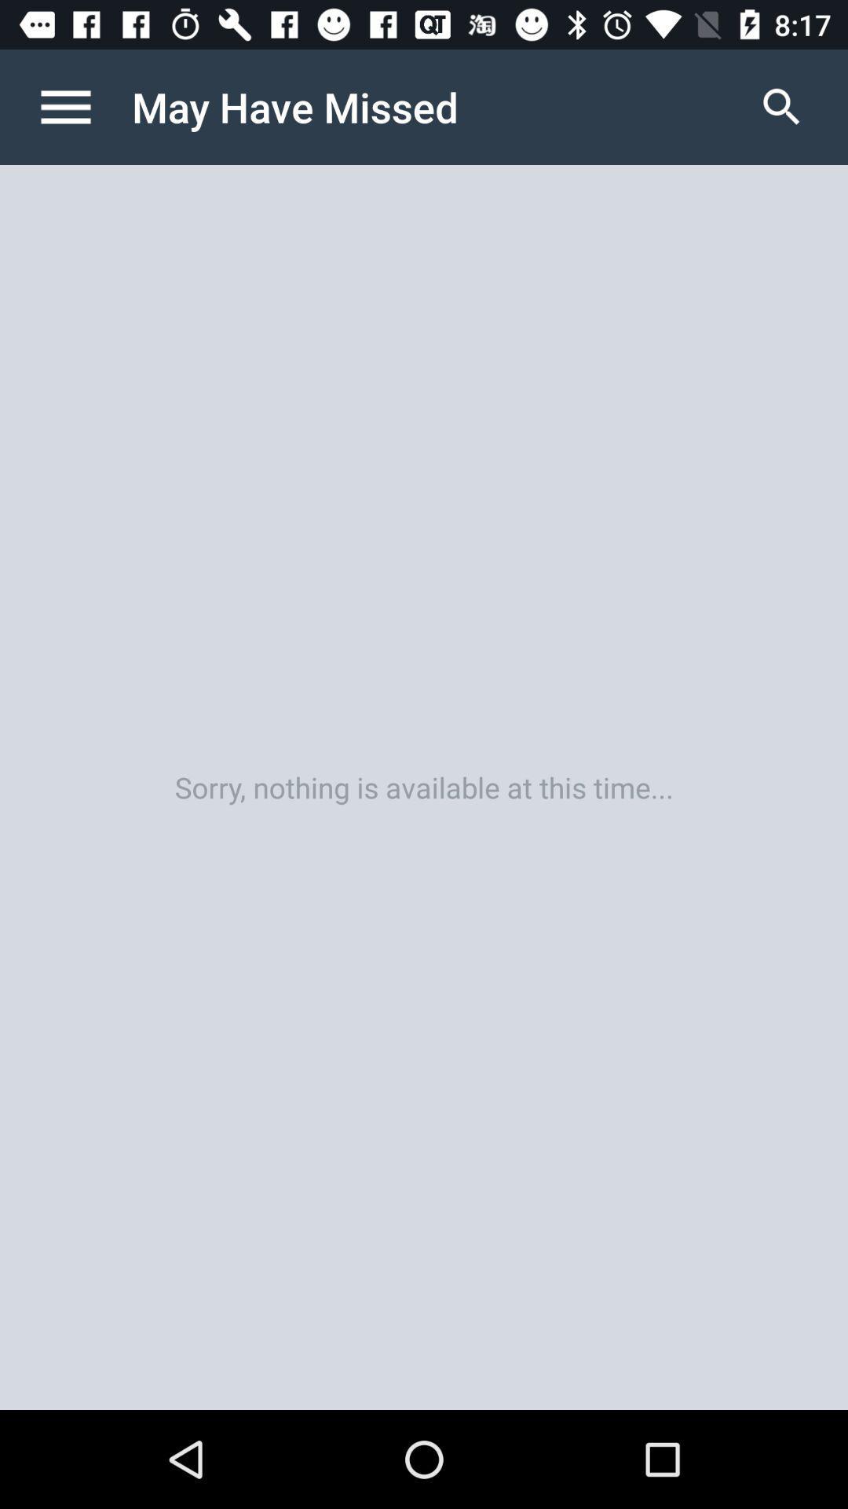 Image resolution: width=848 pixels, height=1509 pixels. I want to click on the item next to the may have missed icon, so click(781, 106).